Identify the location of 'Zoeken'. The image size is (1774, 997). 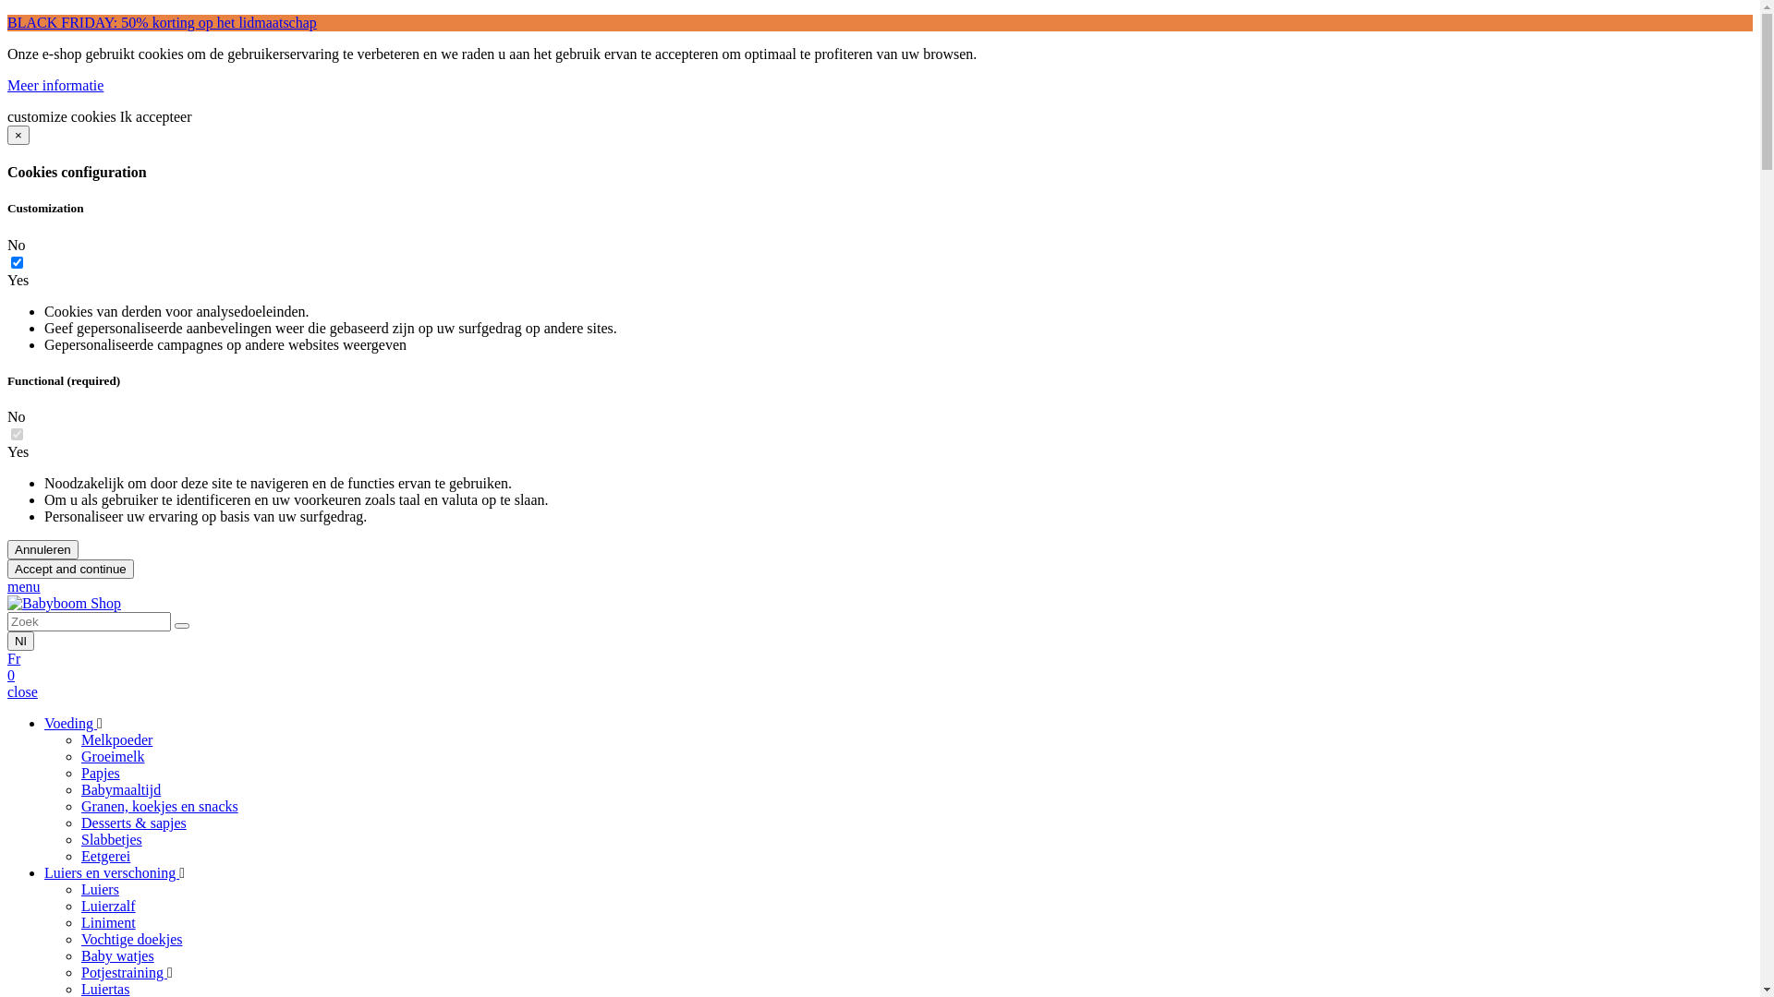
(181, 625).